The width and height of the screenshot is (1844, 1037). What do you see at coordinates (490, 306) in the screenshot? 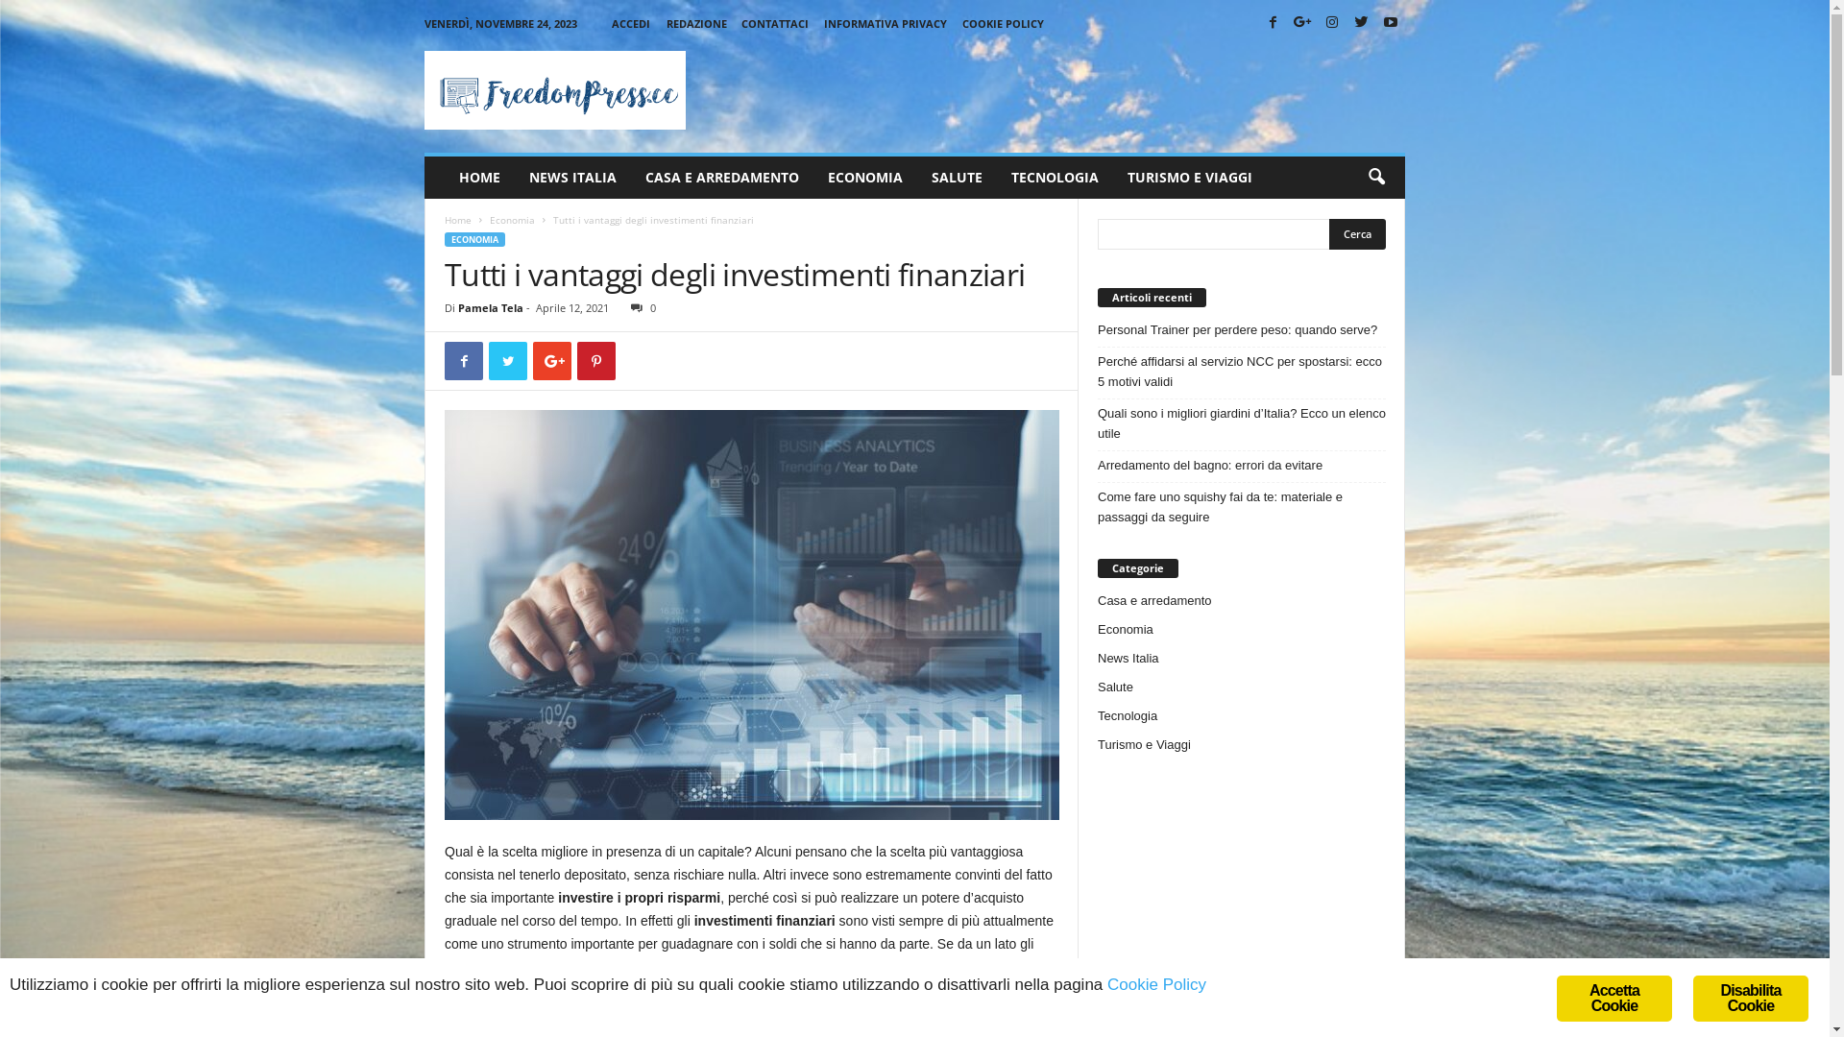
I see `'Pamela Tela'` at bounding box center [490, 306].